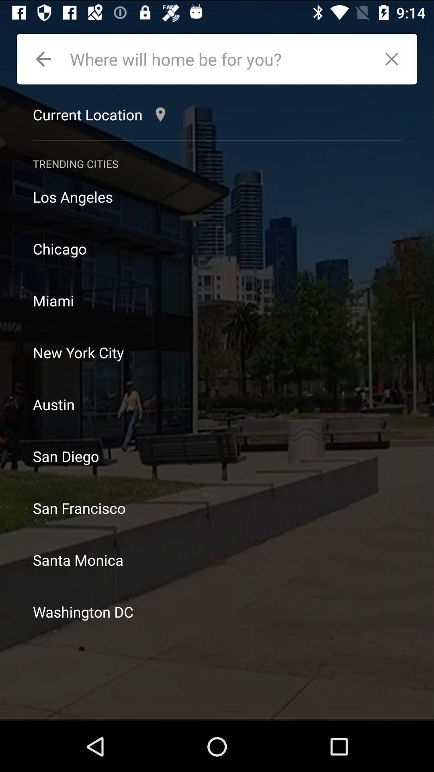 The width and height of the screenshot is (434, 772). What do you see at coordinates (217, 352) in the screenshot?
I see `new york city` at bounding box center [217, 352].